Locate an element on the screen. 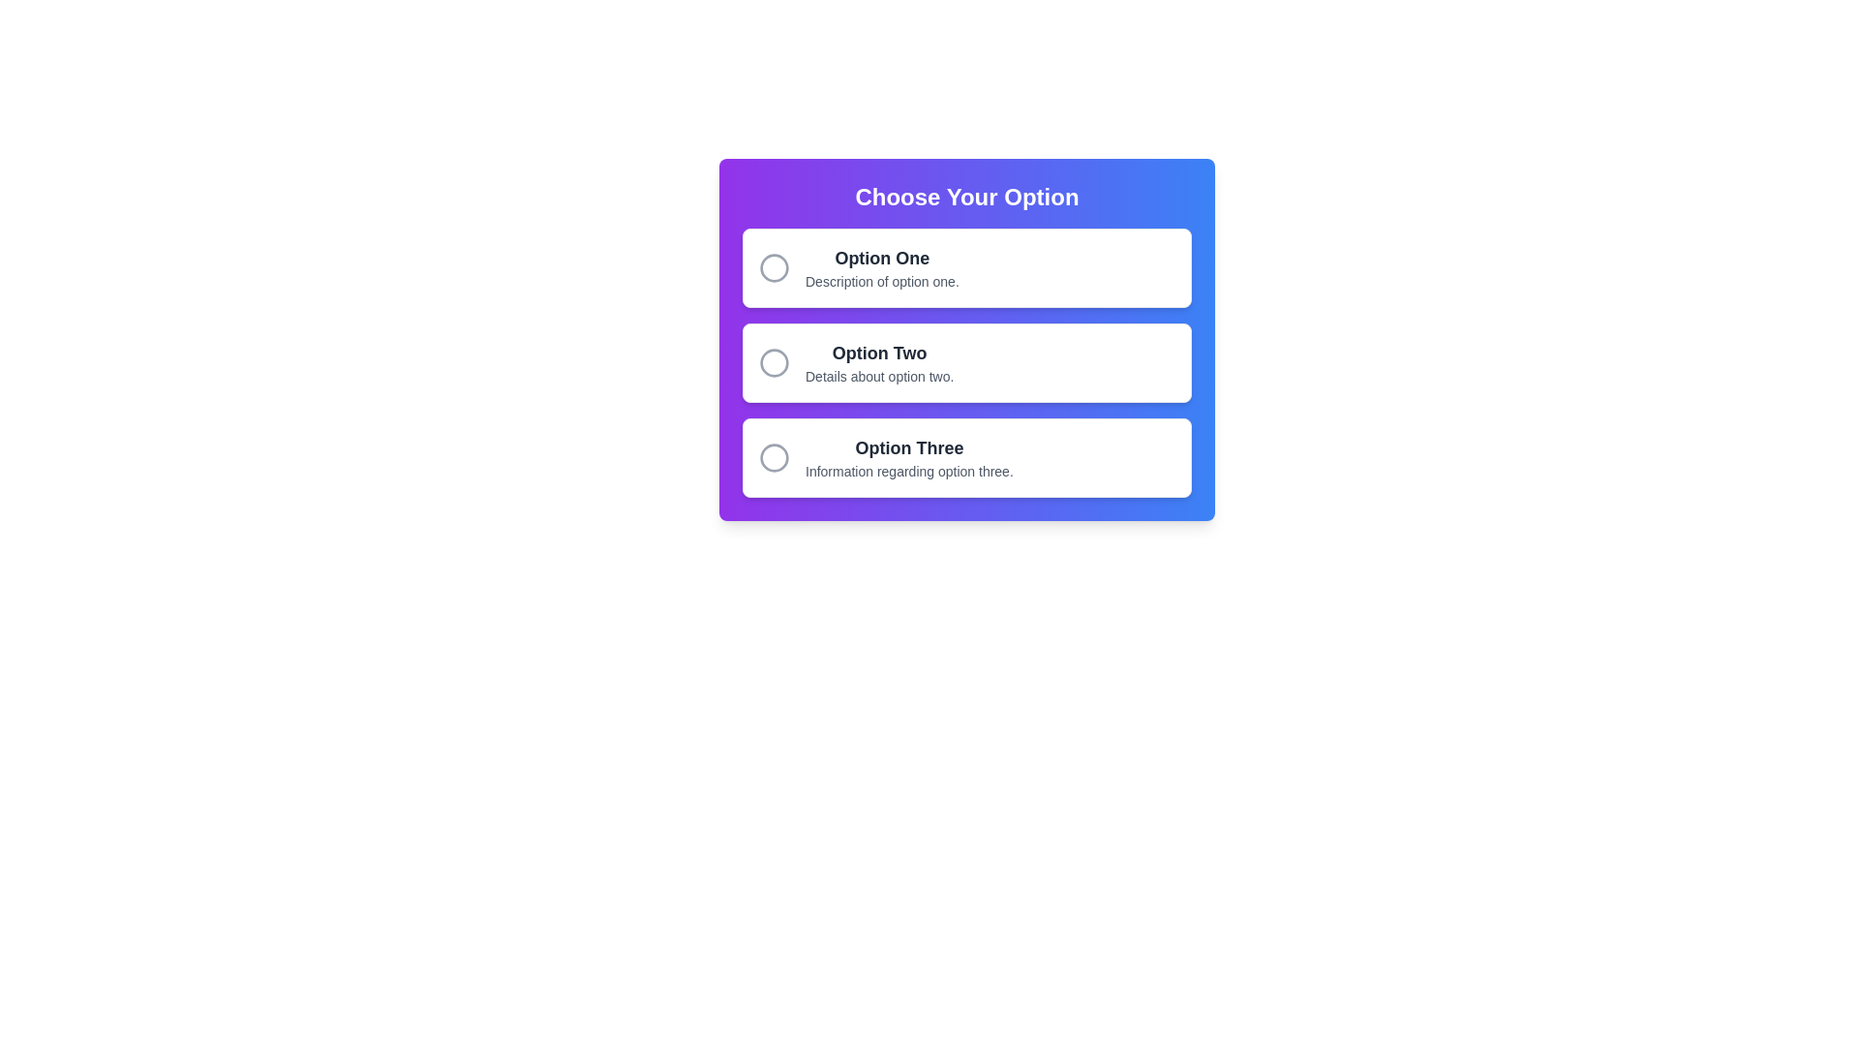 The width and height of the screenshot is (1859, 1046). the circular radio button icon with a gray border located to the left of the text 'Option Three' in the third option block to trigger hover effects is located at coordinates (775, 458).